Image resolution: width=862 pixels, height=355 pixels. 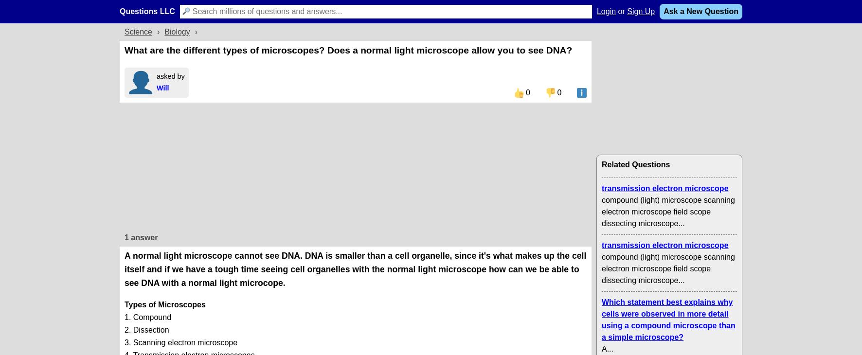 What do you see at coordinates (146, 11) in the screenshot?
I see `'Questions LLC'` at bounding box center [146, 11].